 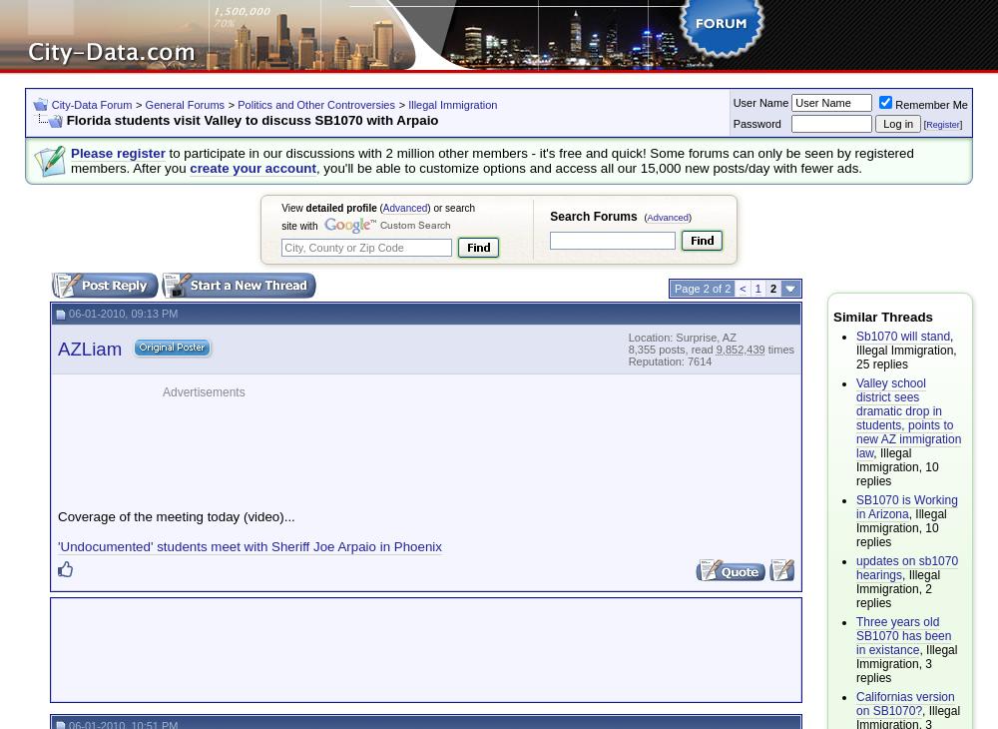 What do you see at coordinates (451, 103) in the screenshot?
I see `'Illegal Immigration'` at bounding box center [451, 103].